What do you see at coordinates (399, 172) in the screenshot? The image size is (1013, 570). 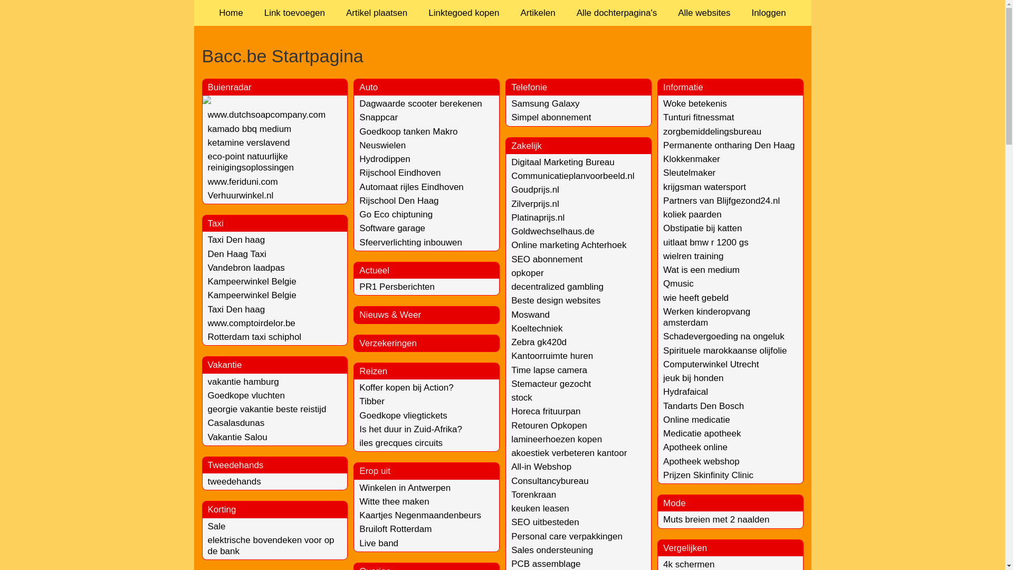 I see `'Rijschool Eindhoven'` at bounding box center [399, 172].